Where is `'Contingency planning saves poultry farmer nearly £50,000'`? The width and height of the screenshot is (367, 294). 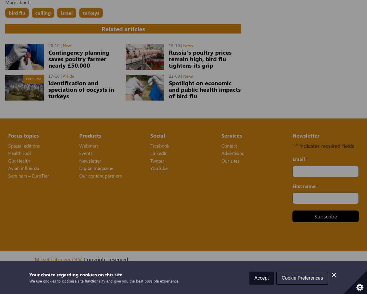 'Contingency planning saves poultry farmer nearly £50,000' is located at coordinates (79, 58).